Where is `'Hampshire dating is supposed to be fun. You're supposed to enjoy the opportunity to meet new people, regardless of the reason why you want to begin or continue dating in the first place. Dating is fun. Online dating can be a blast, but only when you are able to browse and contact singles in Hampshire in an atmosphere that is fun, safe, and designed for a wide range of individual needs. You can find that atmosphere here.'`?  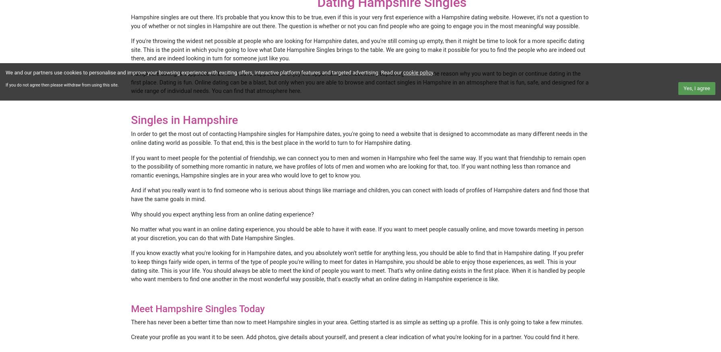
'Hampshire dating is supposed to be fun. You're supposed to enjoy the opportunity to meet new people, regardless of the reason why you want to begin or continue dating in the first place. Dating is fun. Online dating can be a blast, but only when you are able to browse and contact singles in Hampshire in an atmosphere that is fun, safe, and designed for a wide range of individual needs. You can find that atmosphere here.' is located at coordinates (359, 82).